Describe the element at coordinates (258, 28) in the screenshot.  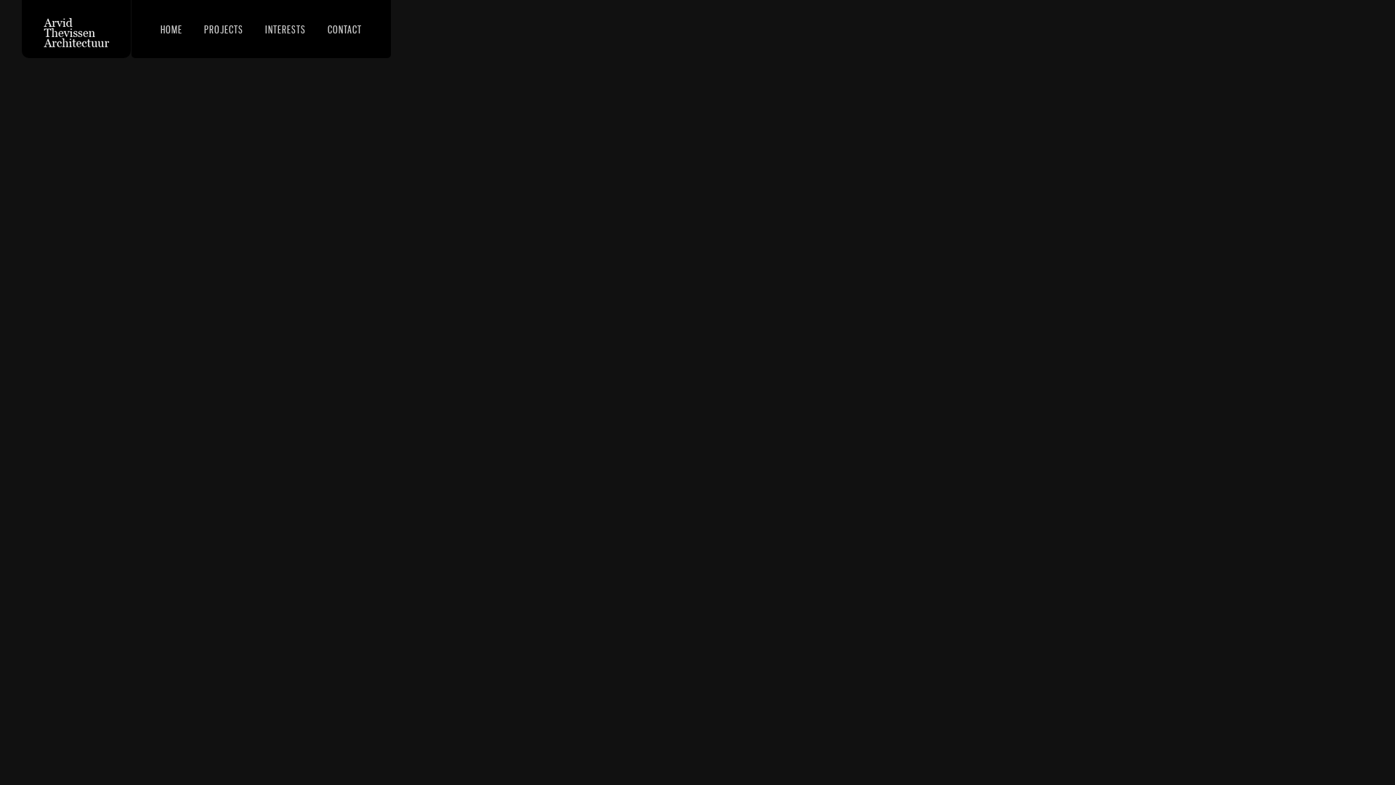
I see `'INTERESTS'` at that location.